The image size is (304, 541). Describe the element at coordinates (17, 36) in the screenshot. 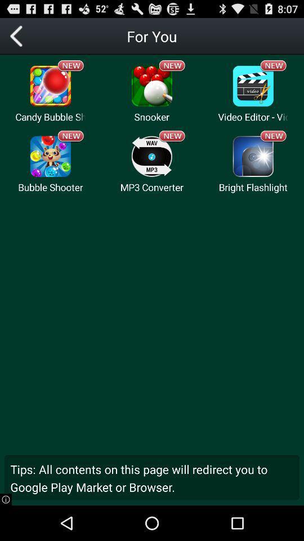

I see `go back` at that location.